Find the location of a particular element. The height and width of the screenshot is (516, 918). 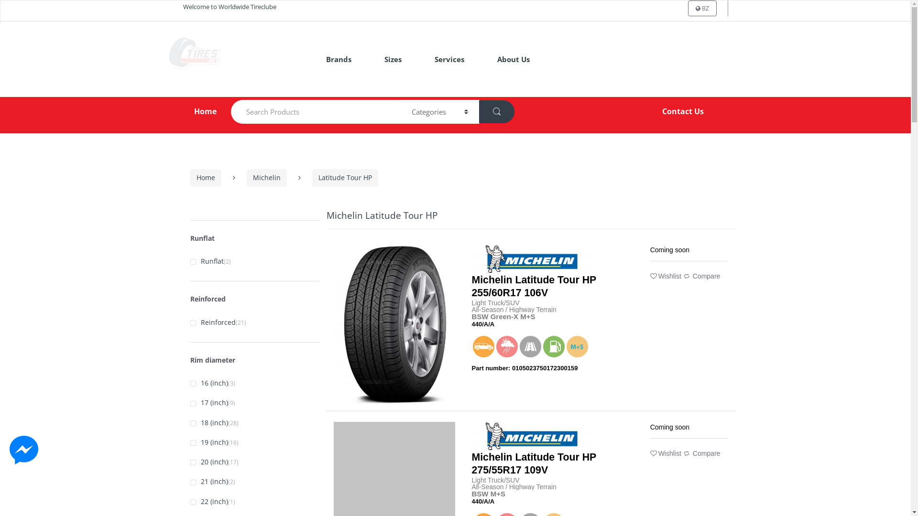

'22 (inch)' is located at coordinates (208, 501).